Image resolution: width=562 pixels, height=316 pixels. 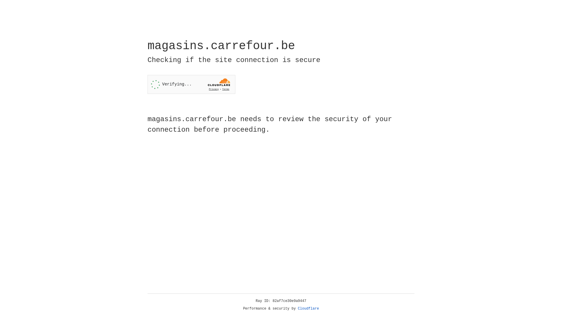 What do you see at coordinates (308, 308) in the screenshot?
I see `'Cloudflare'` at bounding box center [308, 308].